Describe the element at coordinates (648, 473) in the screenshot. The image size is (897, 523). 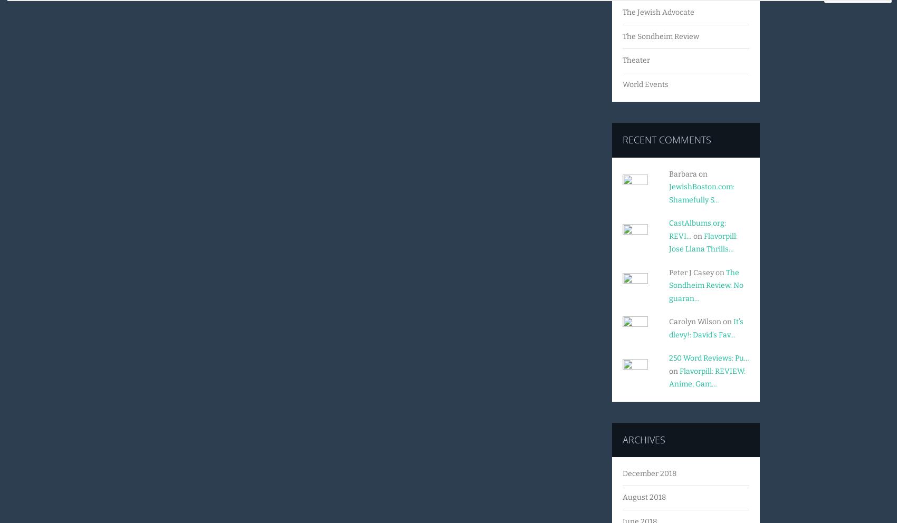
I see `'December 2018'` at that location.